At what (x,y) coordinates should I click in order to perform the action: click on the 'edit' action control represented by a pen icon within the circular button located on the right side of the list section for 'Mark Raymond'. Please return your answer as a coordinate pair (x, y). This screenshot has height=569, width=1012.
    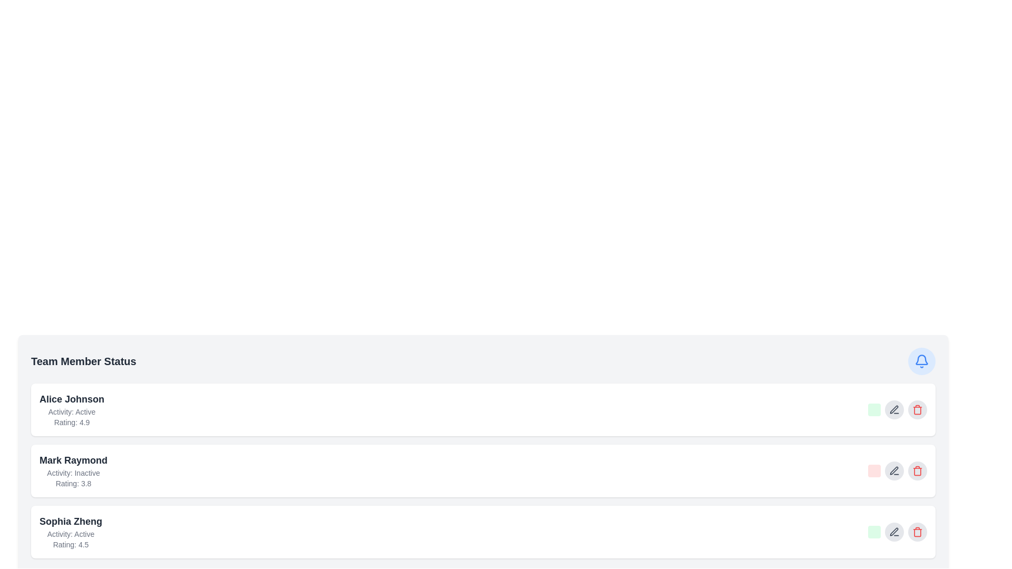
    Looking at the image, I should click on (894, 470).